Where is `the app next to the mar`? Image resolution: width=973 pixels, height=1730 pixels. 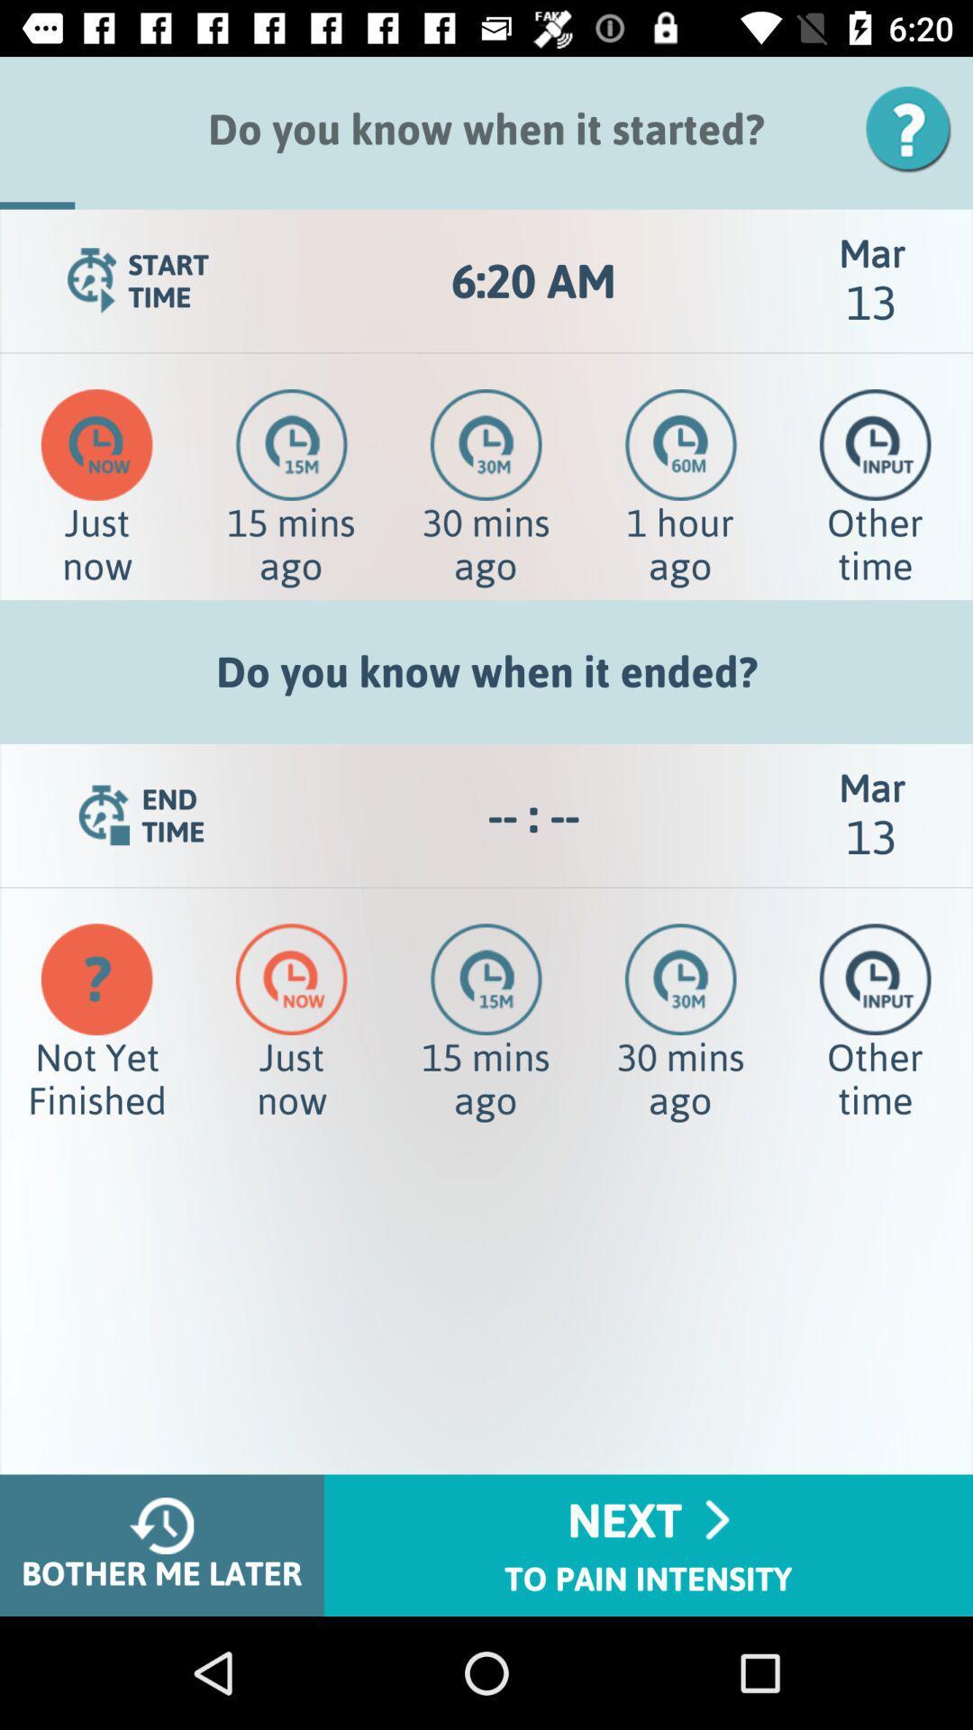 the app next to the mar is located at coordinates (532, 280).